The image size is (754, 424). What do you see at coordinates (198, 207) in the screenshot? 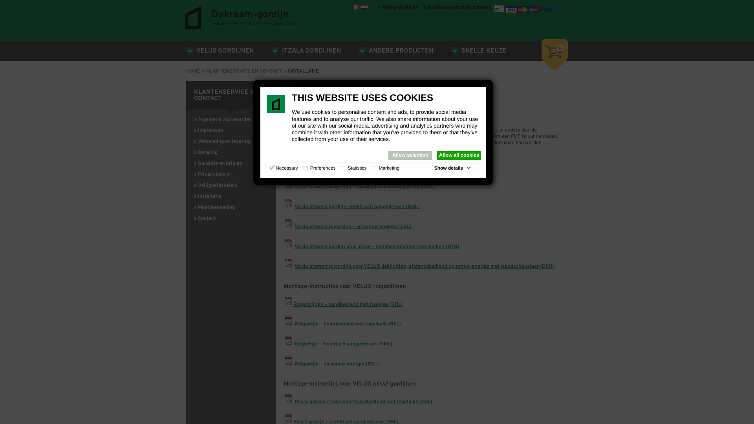
I see `'Maatberekening'` at bounding box center [198, 207].